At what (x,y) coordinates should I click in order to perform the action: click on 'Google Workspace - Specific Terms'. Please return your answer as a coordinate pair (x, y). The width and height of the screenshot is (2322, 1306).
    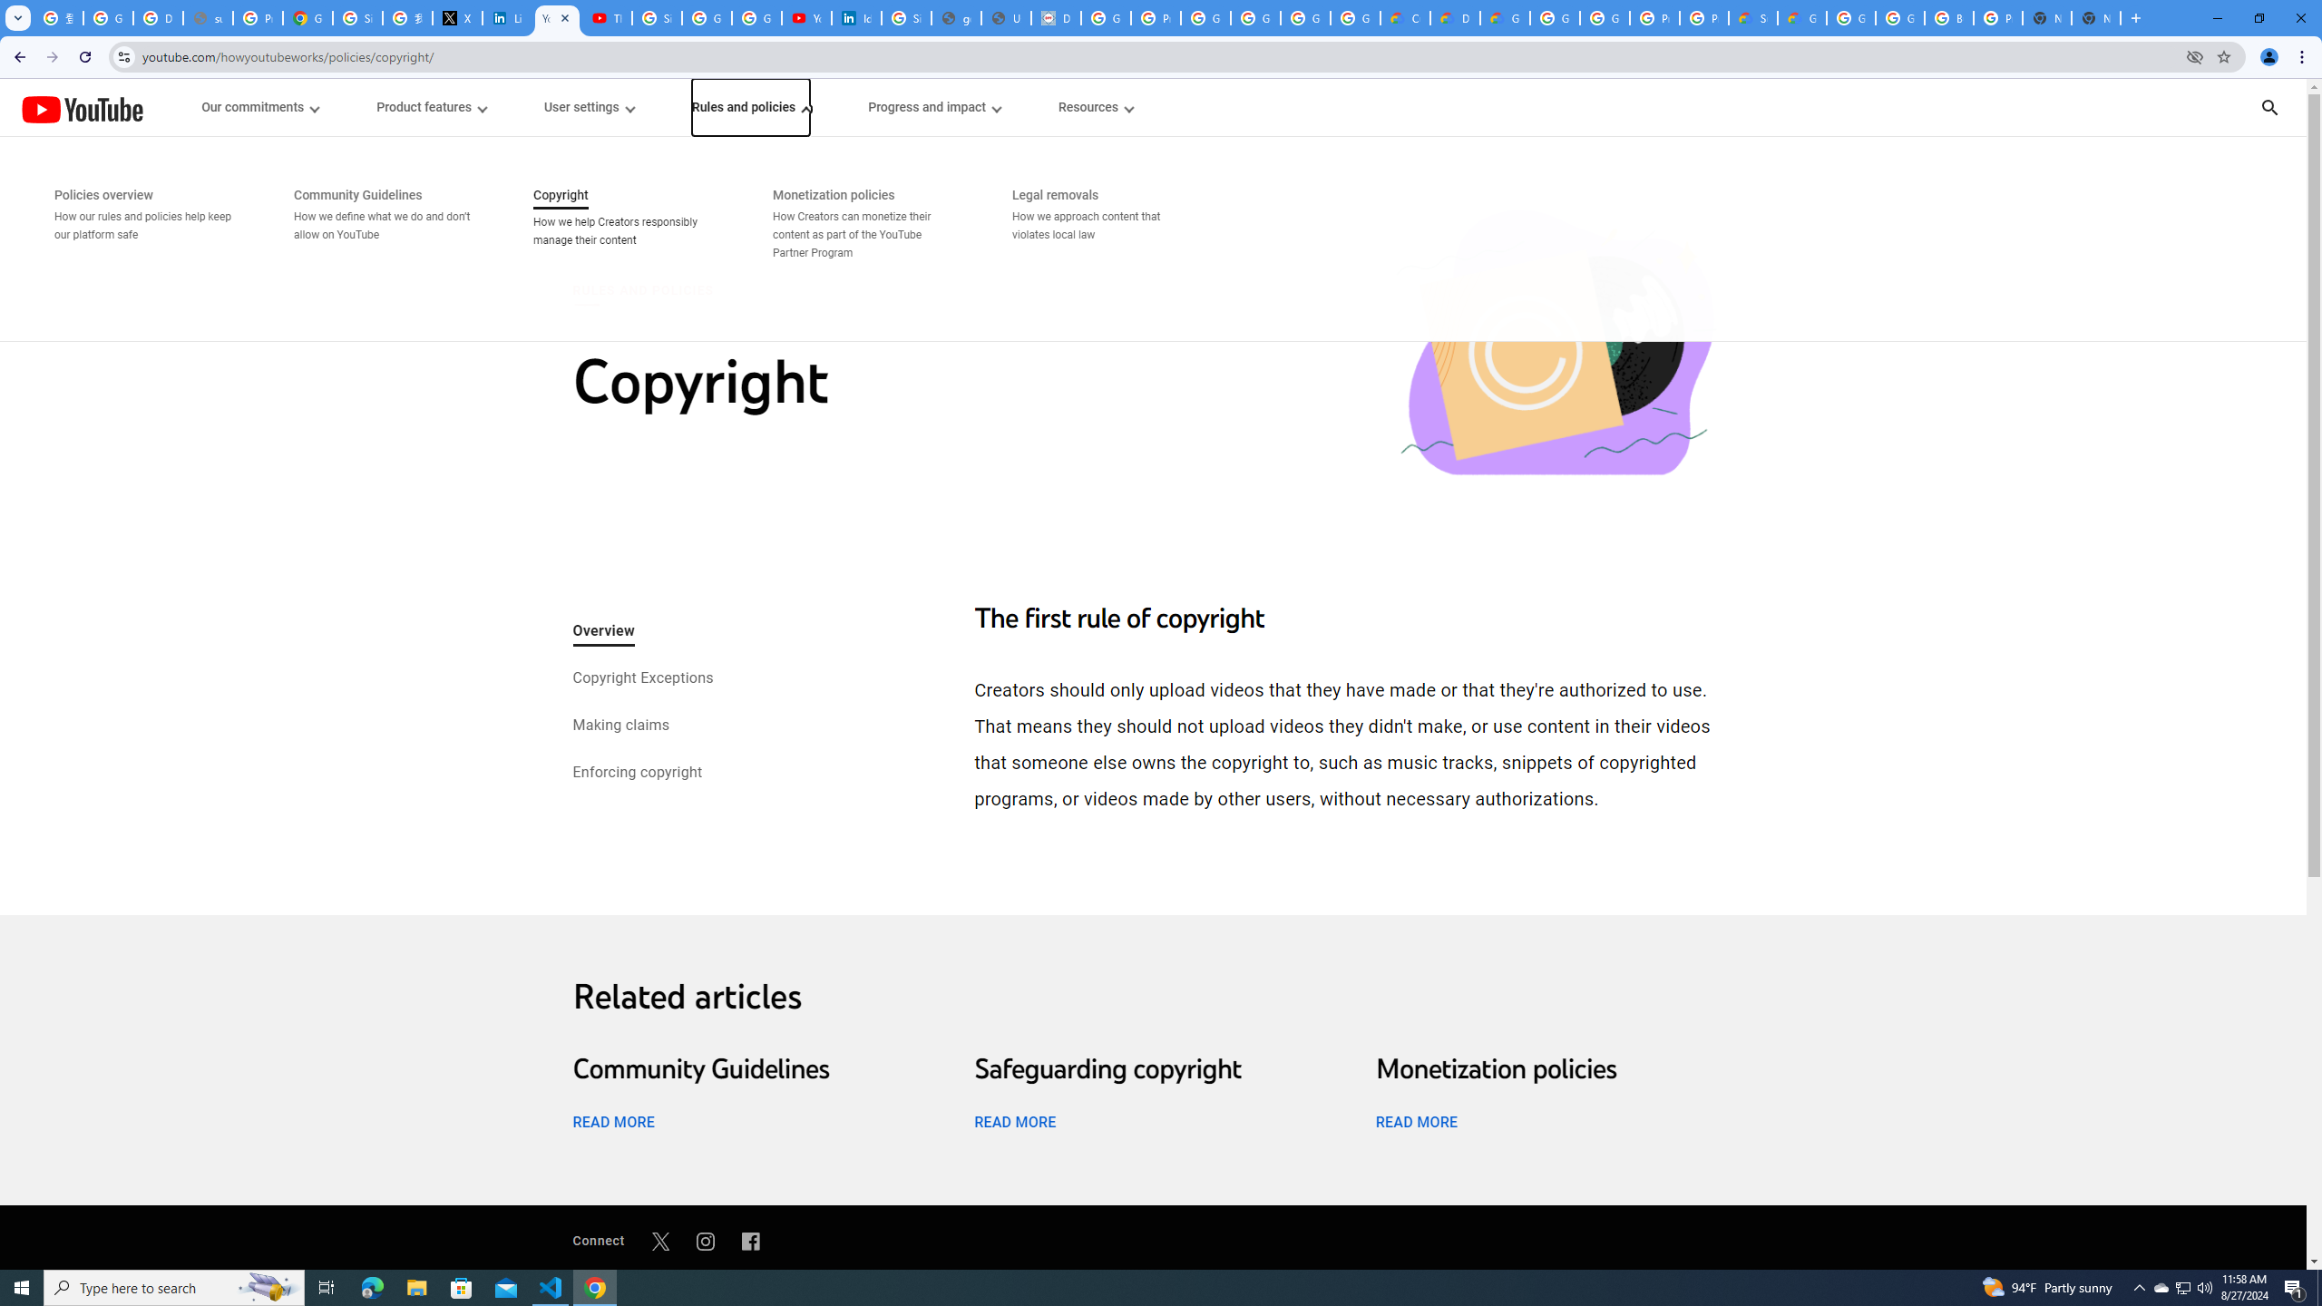
    Looking at the image, I should click on (1356, 17).